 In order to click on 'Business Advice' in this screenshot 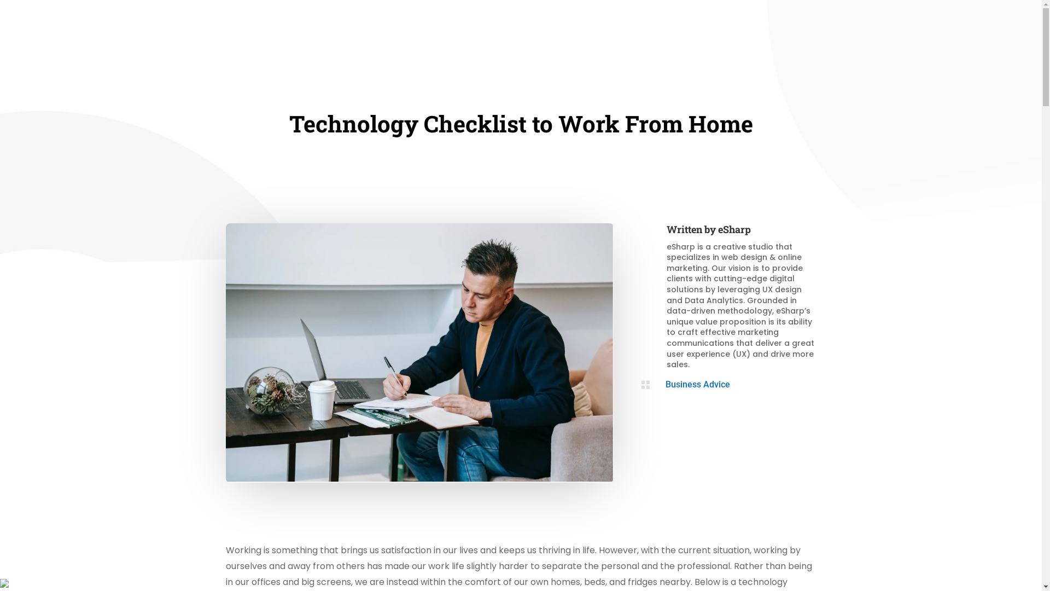, I will do `click(697, 384)`.